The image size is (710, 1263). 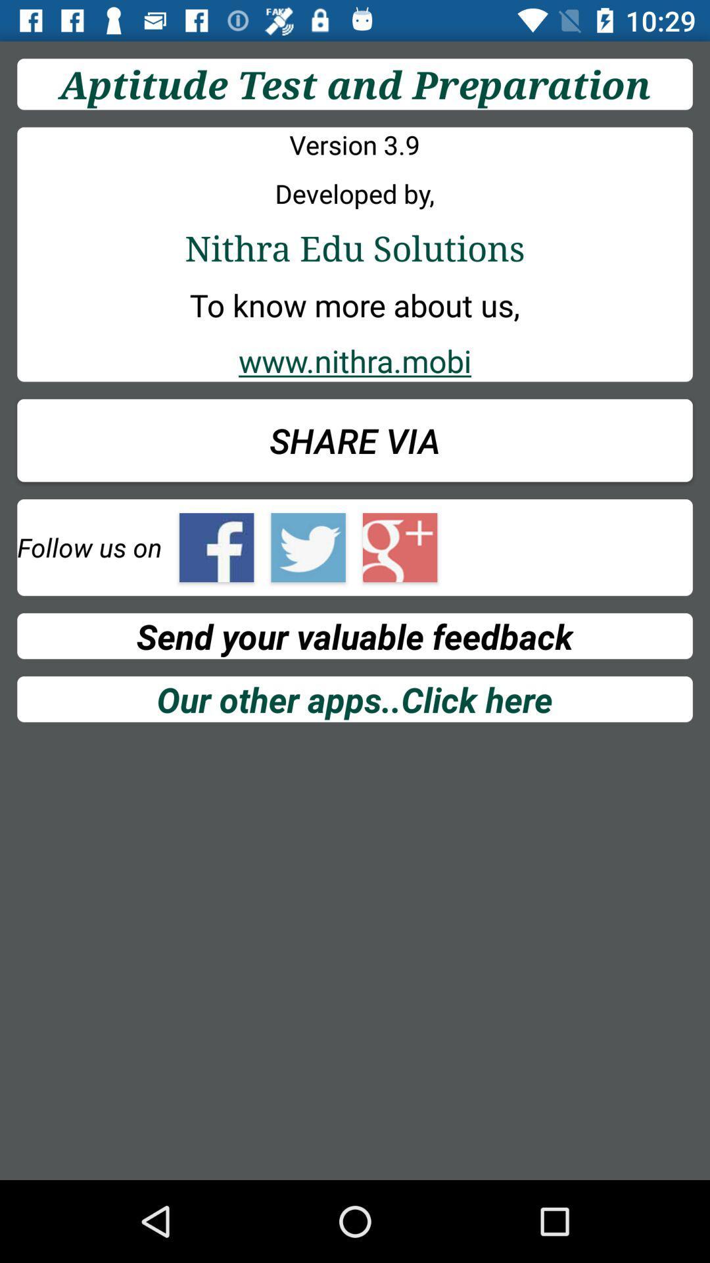 What do you see at coordinates (308, 547) in the screenshot?
I see `orange box flashing on tweeter sign` at bounding box center [308, 547].